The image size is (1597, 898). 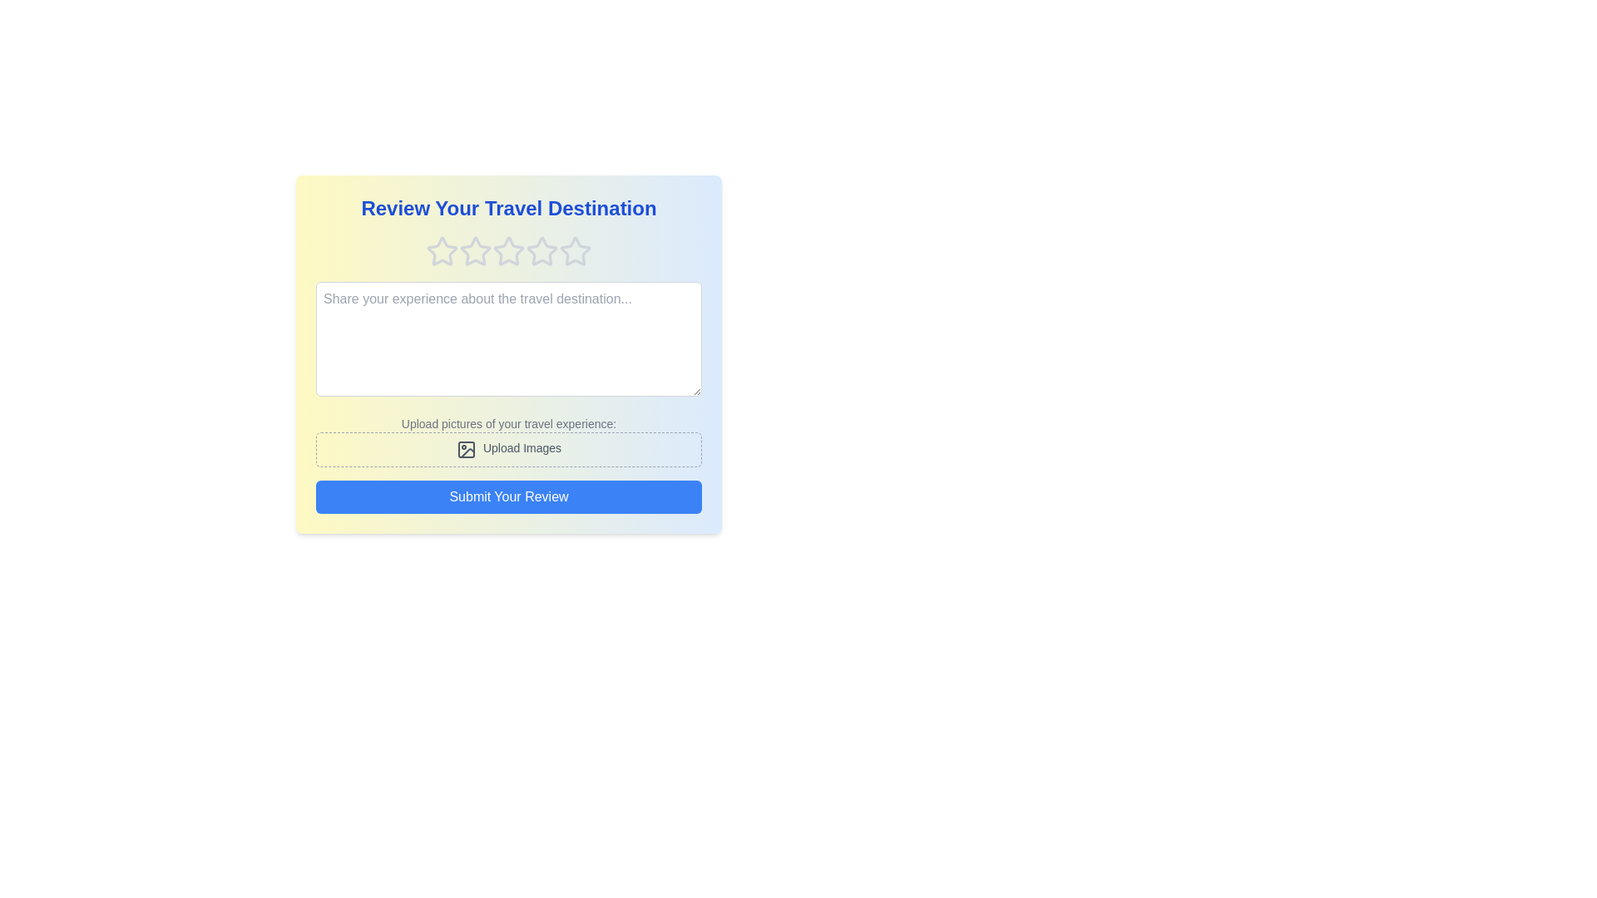 What do you see at coordinates (542, 252) in the screenshot?
I see `the star corresponding to the rating 4` at bounding box center [542, 252].